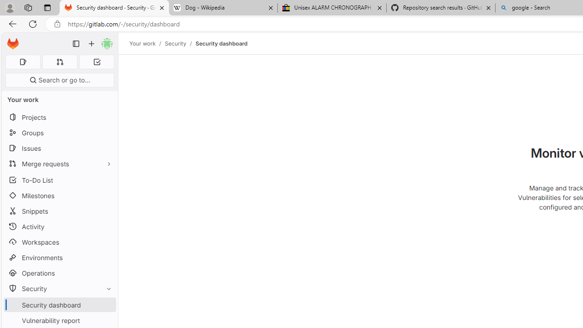  What do you see at coordinates (59, 320) in the screenshot?
I see `'Vulnerability report'` at bounding box center [59, 320].